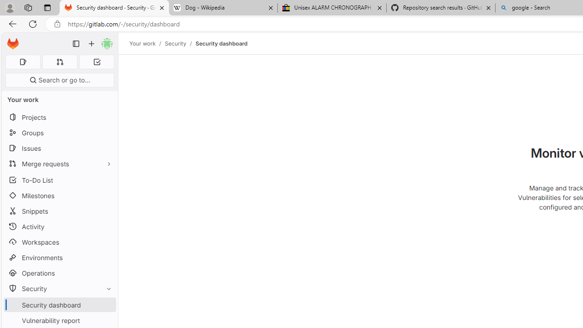  What do you see at coordinates (59, 320) in the screenshot?
I see `'Vulnerability report'` at bounding box center [59, 320].